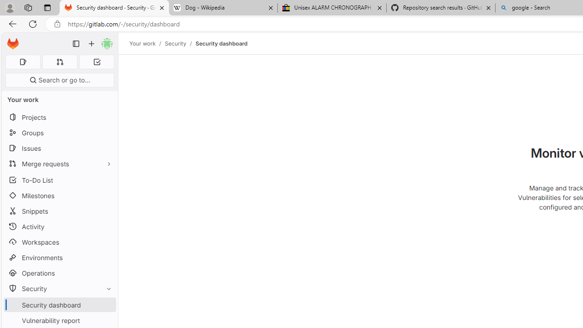  What do you see at coordinates (59, 320) in the screenshot?
I see `'Vulnerability report'` at bounding box center [59, 320].